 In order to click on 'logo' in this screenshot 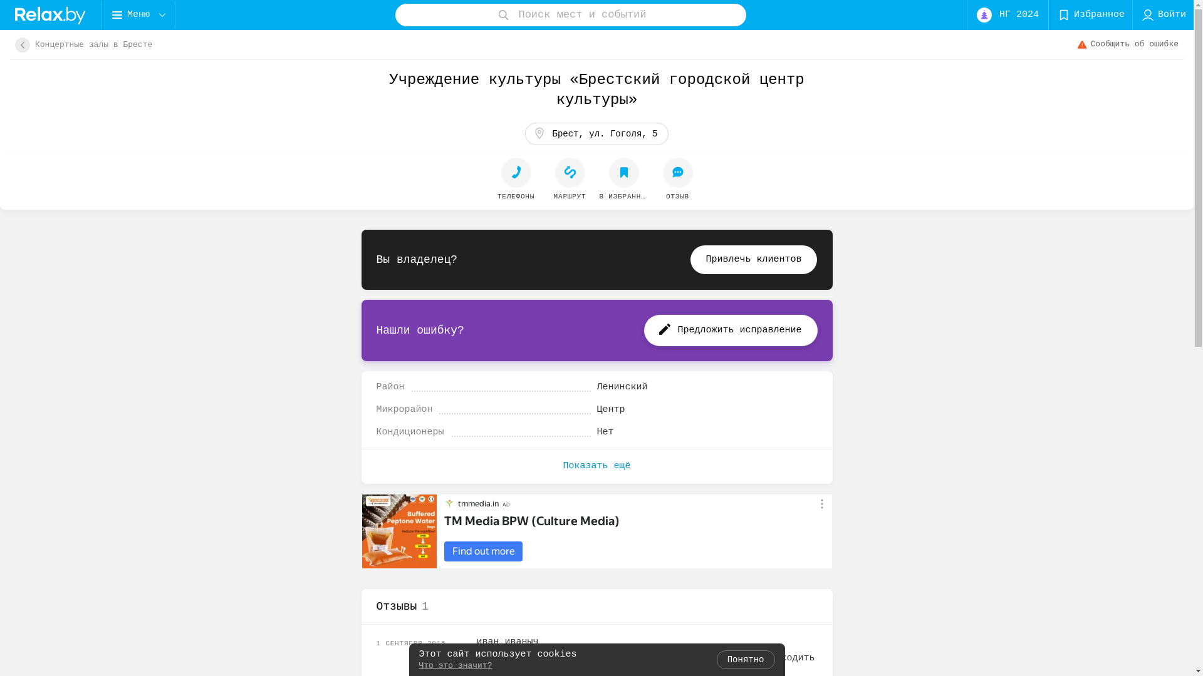, I will do `click(15, 14)`.